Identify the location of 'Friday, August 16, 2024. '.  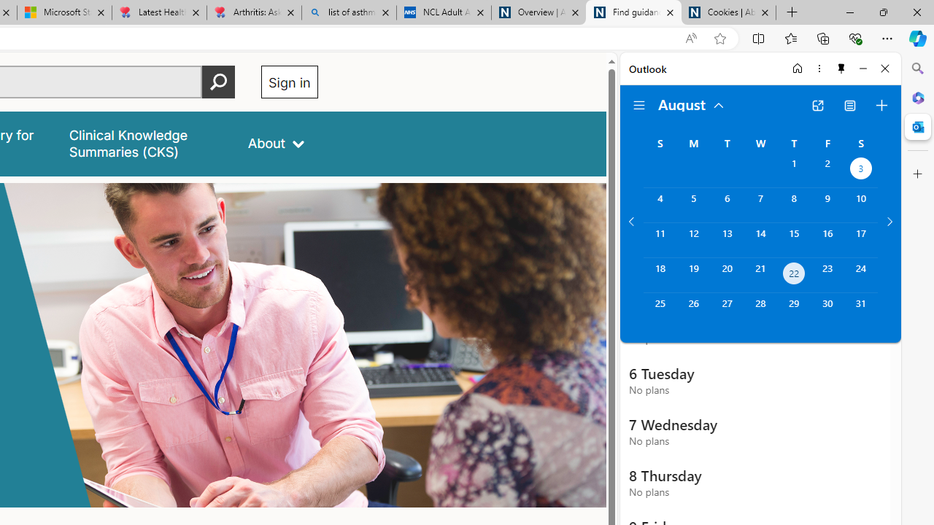
(827, 239).